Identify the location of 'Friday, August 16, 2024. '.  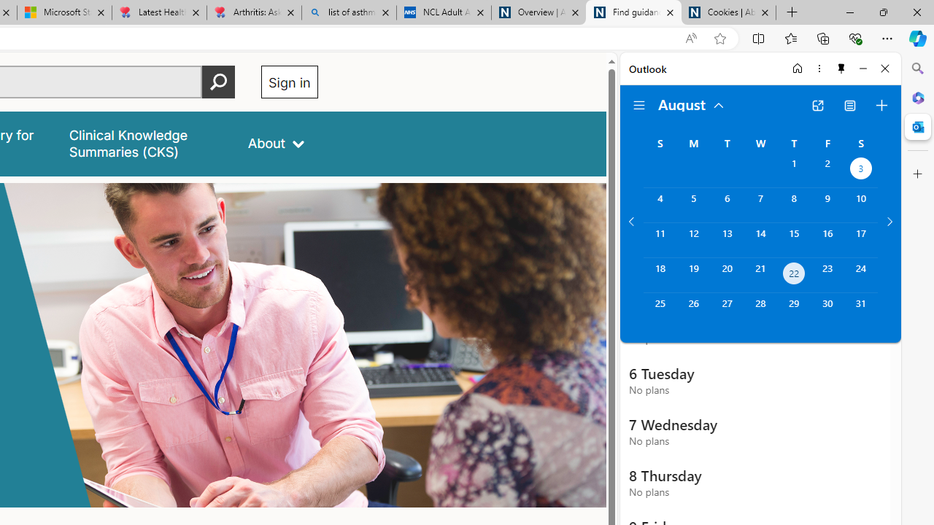
(827, 239).